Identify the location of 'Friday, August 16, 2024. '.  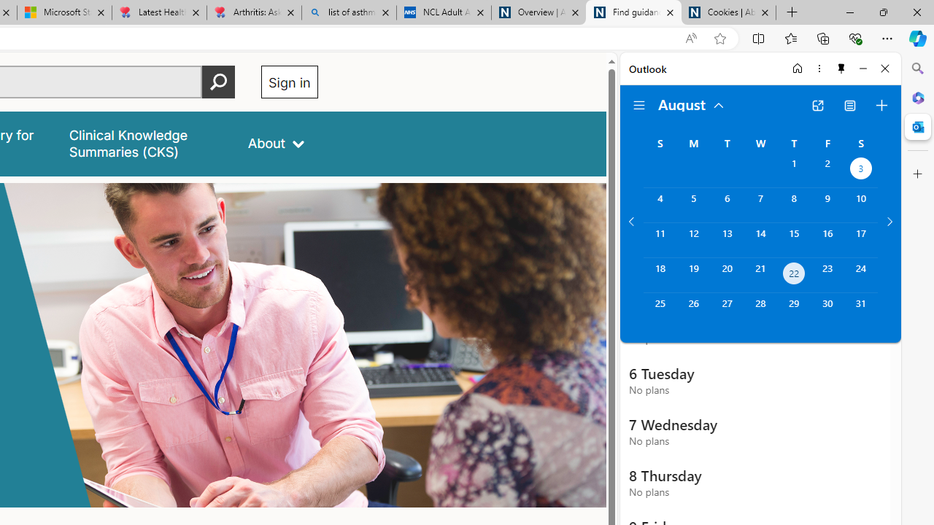
(827, 239).